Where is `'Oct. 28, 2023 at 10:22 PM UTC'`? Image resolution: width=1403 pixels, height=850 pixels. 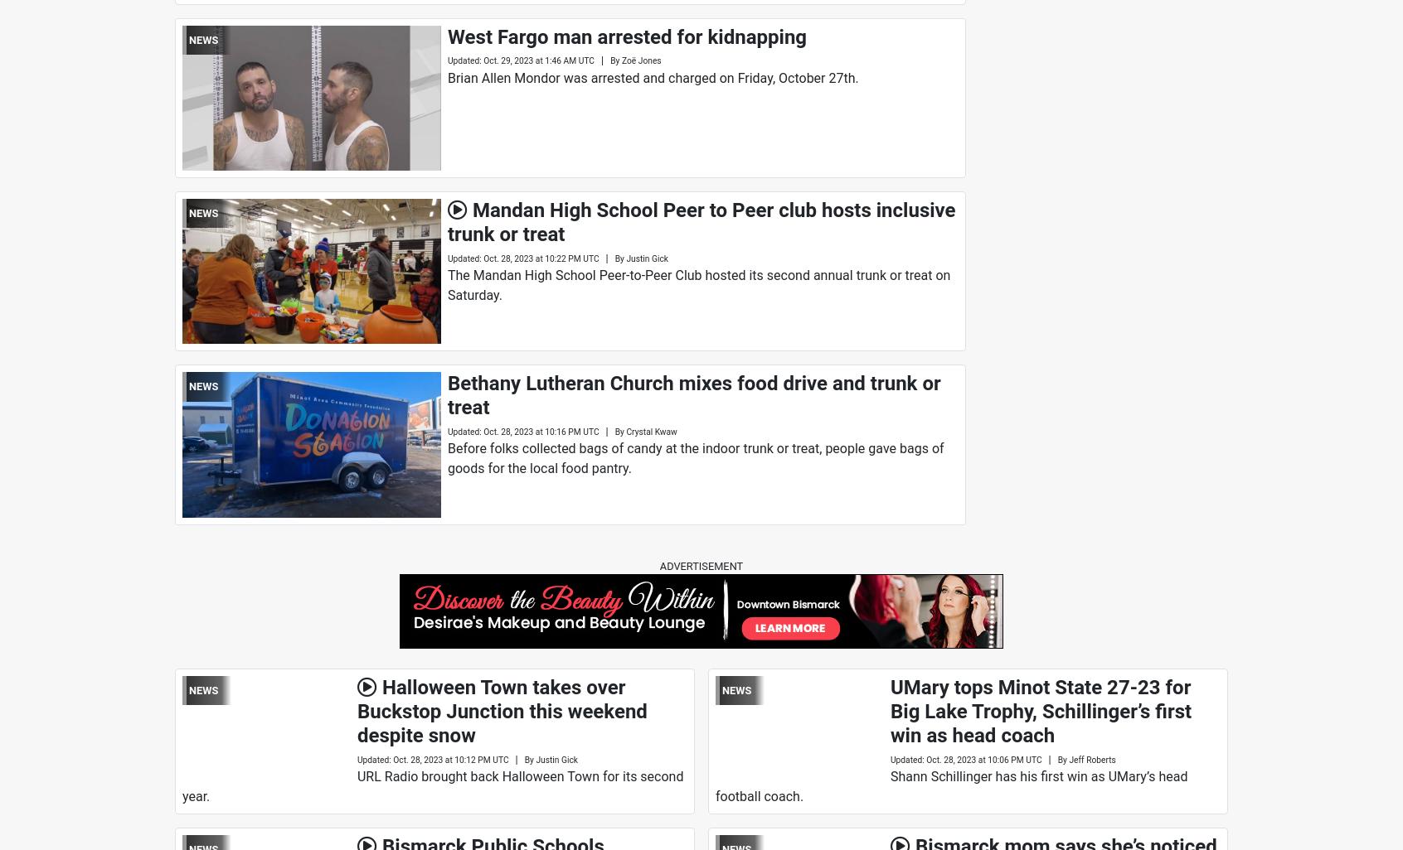 'Oct. 28, 2023 at 10:22 PM UTC' is located at coordinates (541, 258).